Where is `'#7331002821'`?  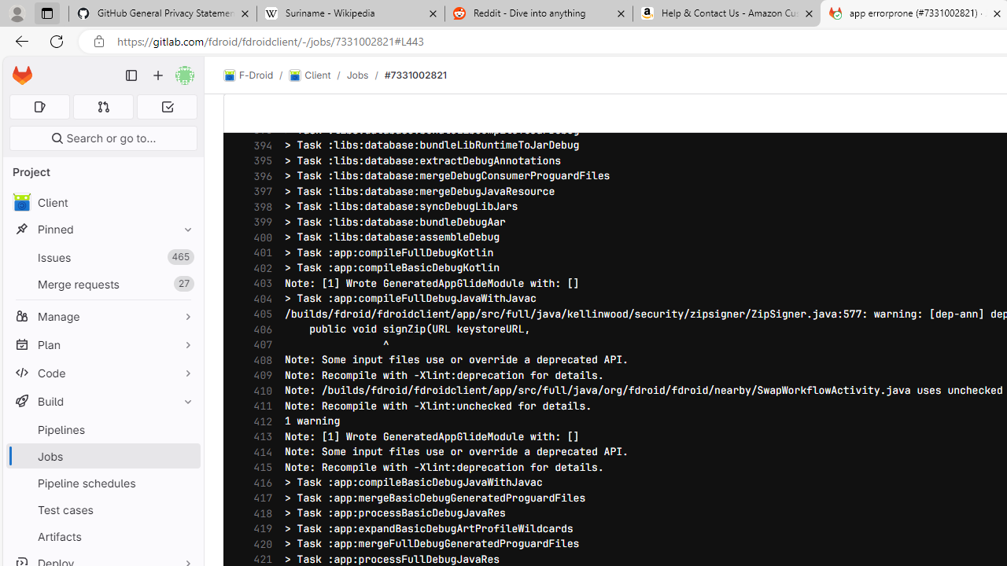
'#7331002821' is located at coordinates (415, 75).